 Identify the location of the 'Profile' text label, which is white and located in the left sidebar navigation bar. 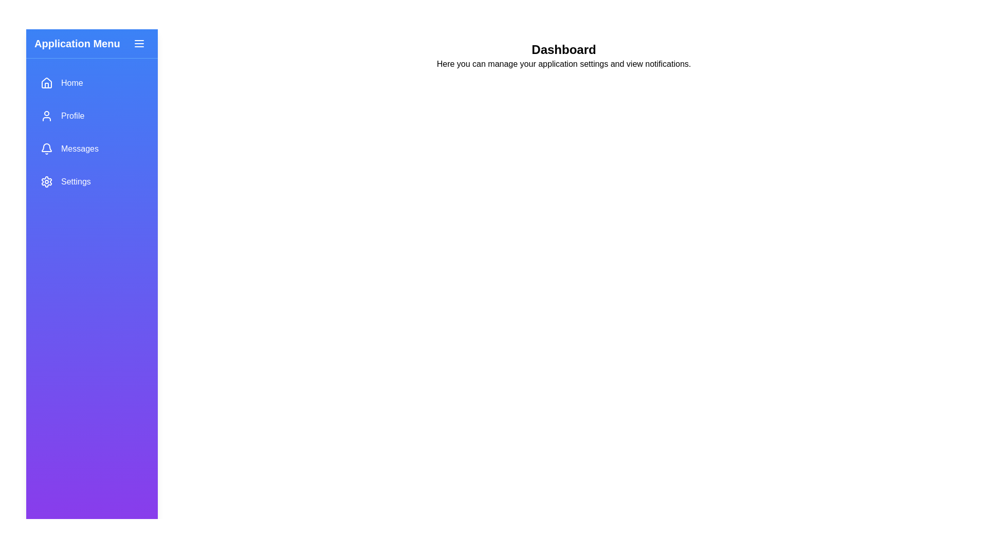
(72, 116).